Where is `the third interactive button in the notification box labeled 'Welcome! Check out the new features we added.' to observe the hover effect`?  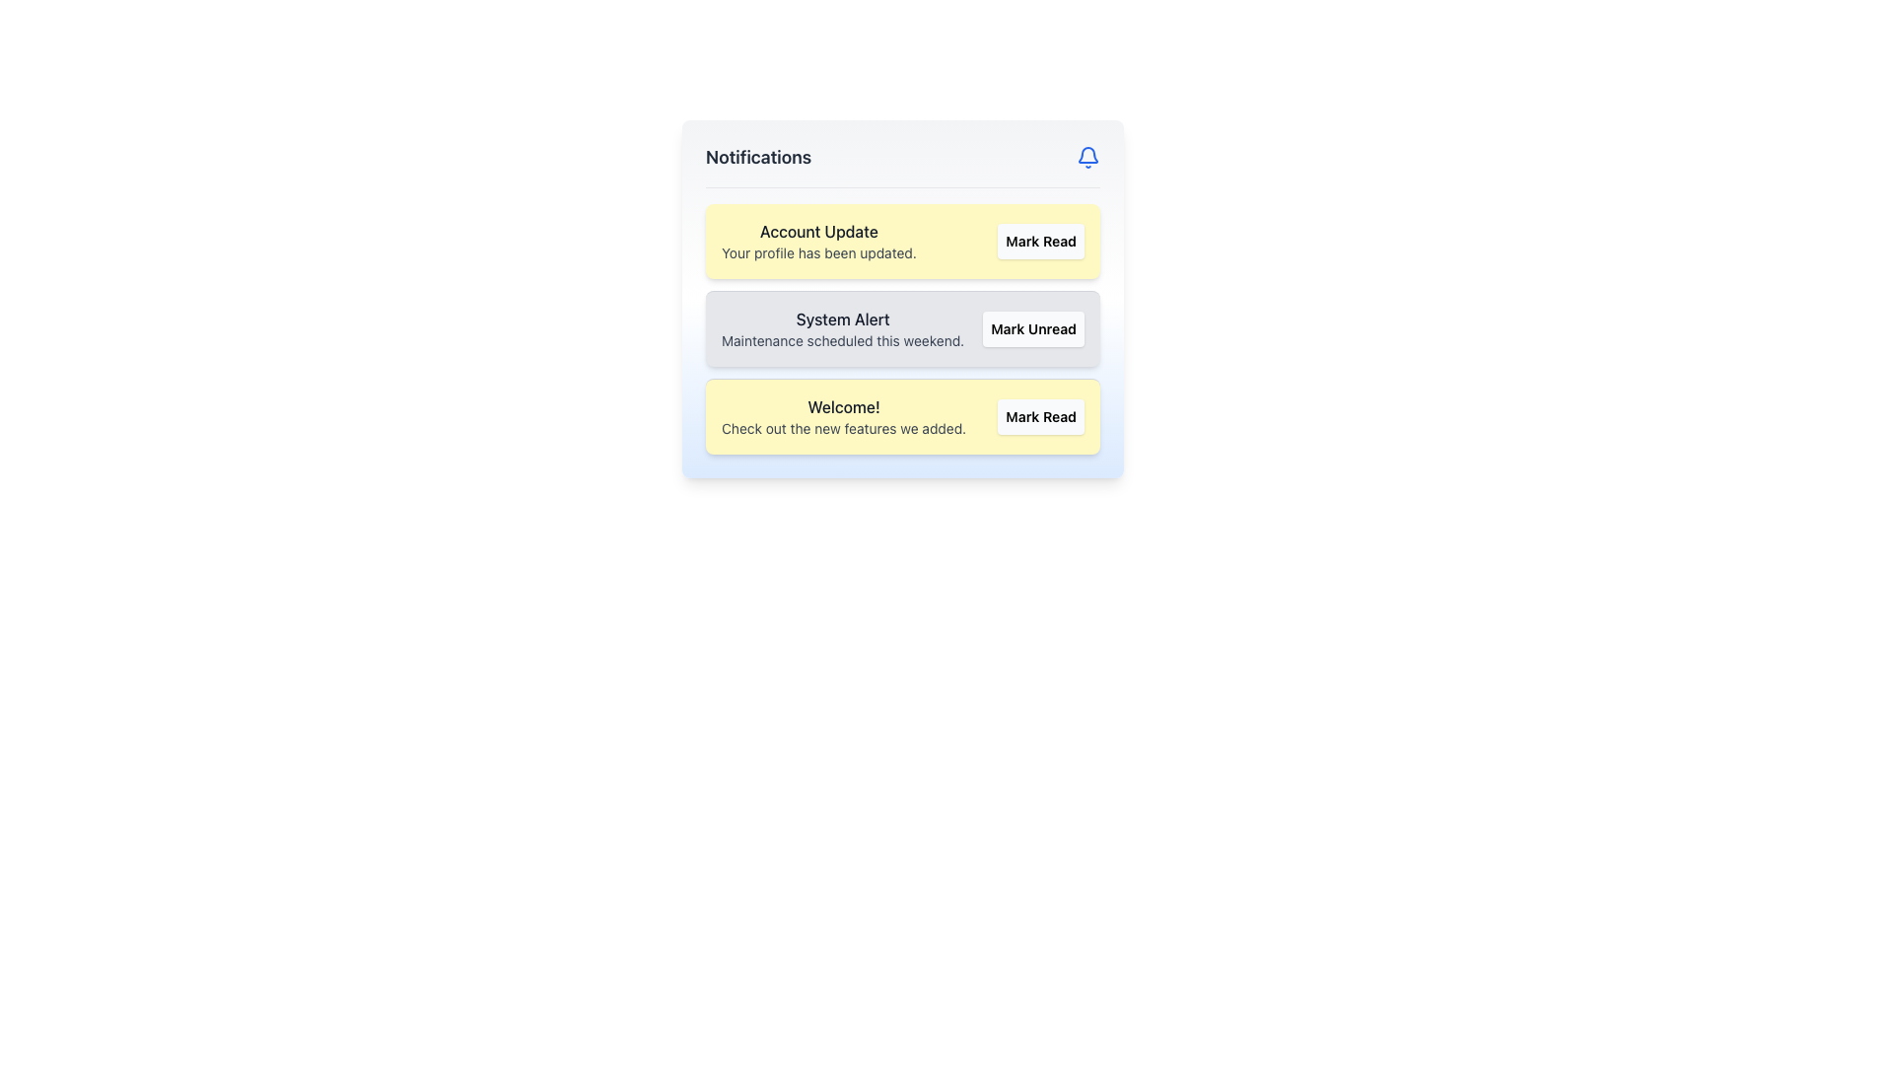 the third interactive button in the notification box labeled 'Welcome! Check out the new features we added.' to observe the hover effect is located at coordinates (1040, 416).